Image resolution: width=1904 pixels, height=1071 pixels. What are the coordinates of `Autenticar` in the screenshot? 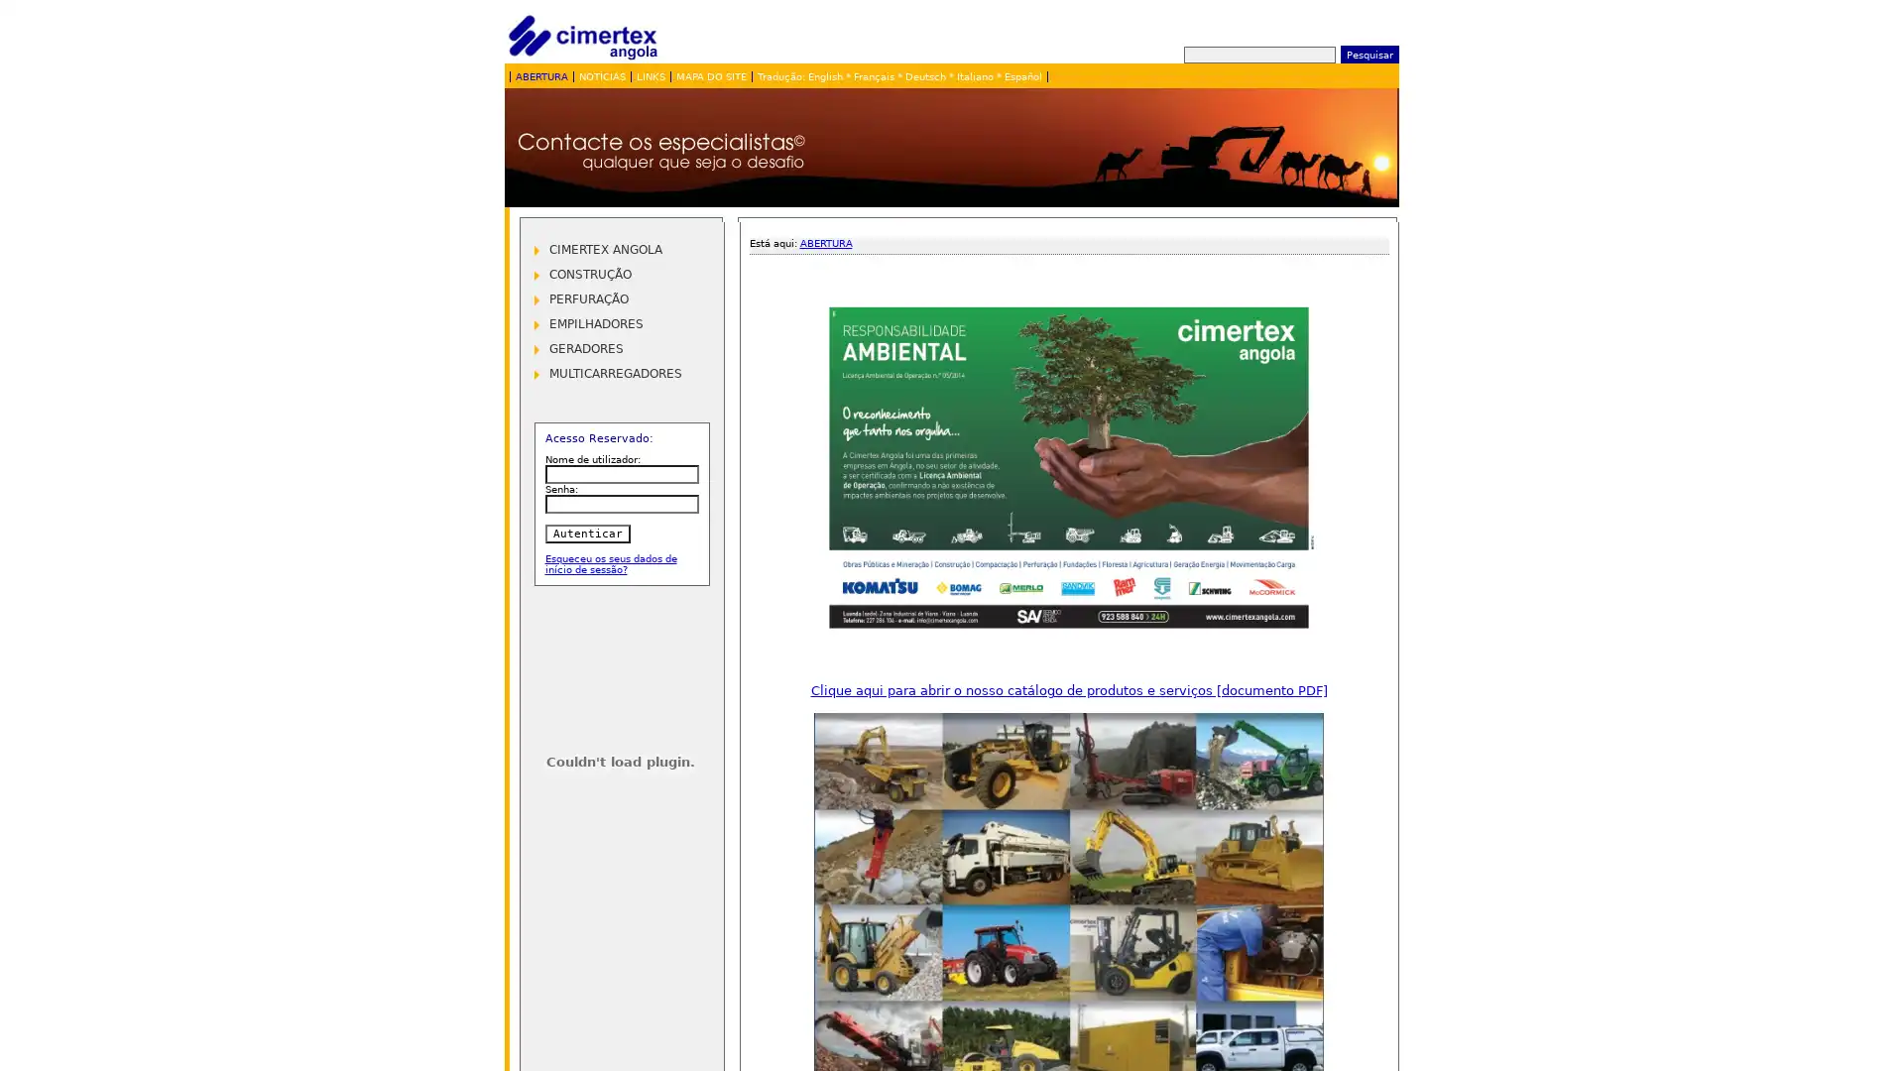 It's located at (585, 533).